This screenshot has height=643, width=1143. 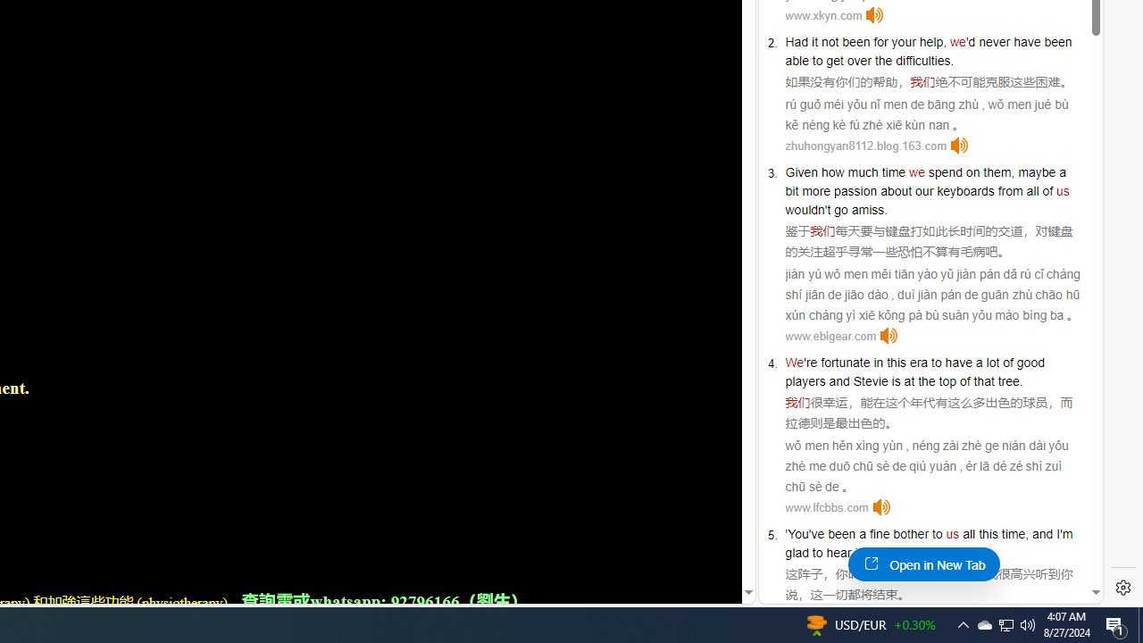 I want to click on ''', so click(x=786, y=532).